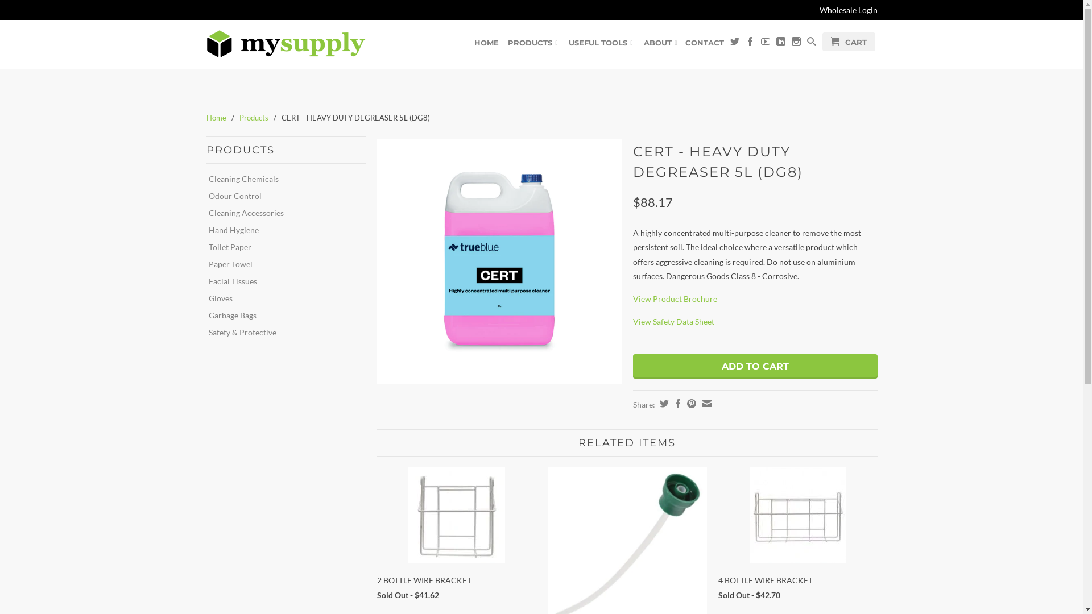 This screenshot has width=1092, height=614. Describe the element at coordinates (673, 321) in the screenshot. I see `'View Safety Data Sheet'` at that location.